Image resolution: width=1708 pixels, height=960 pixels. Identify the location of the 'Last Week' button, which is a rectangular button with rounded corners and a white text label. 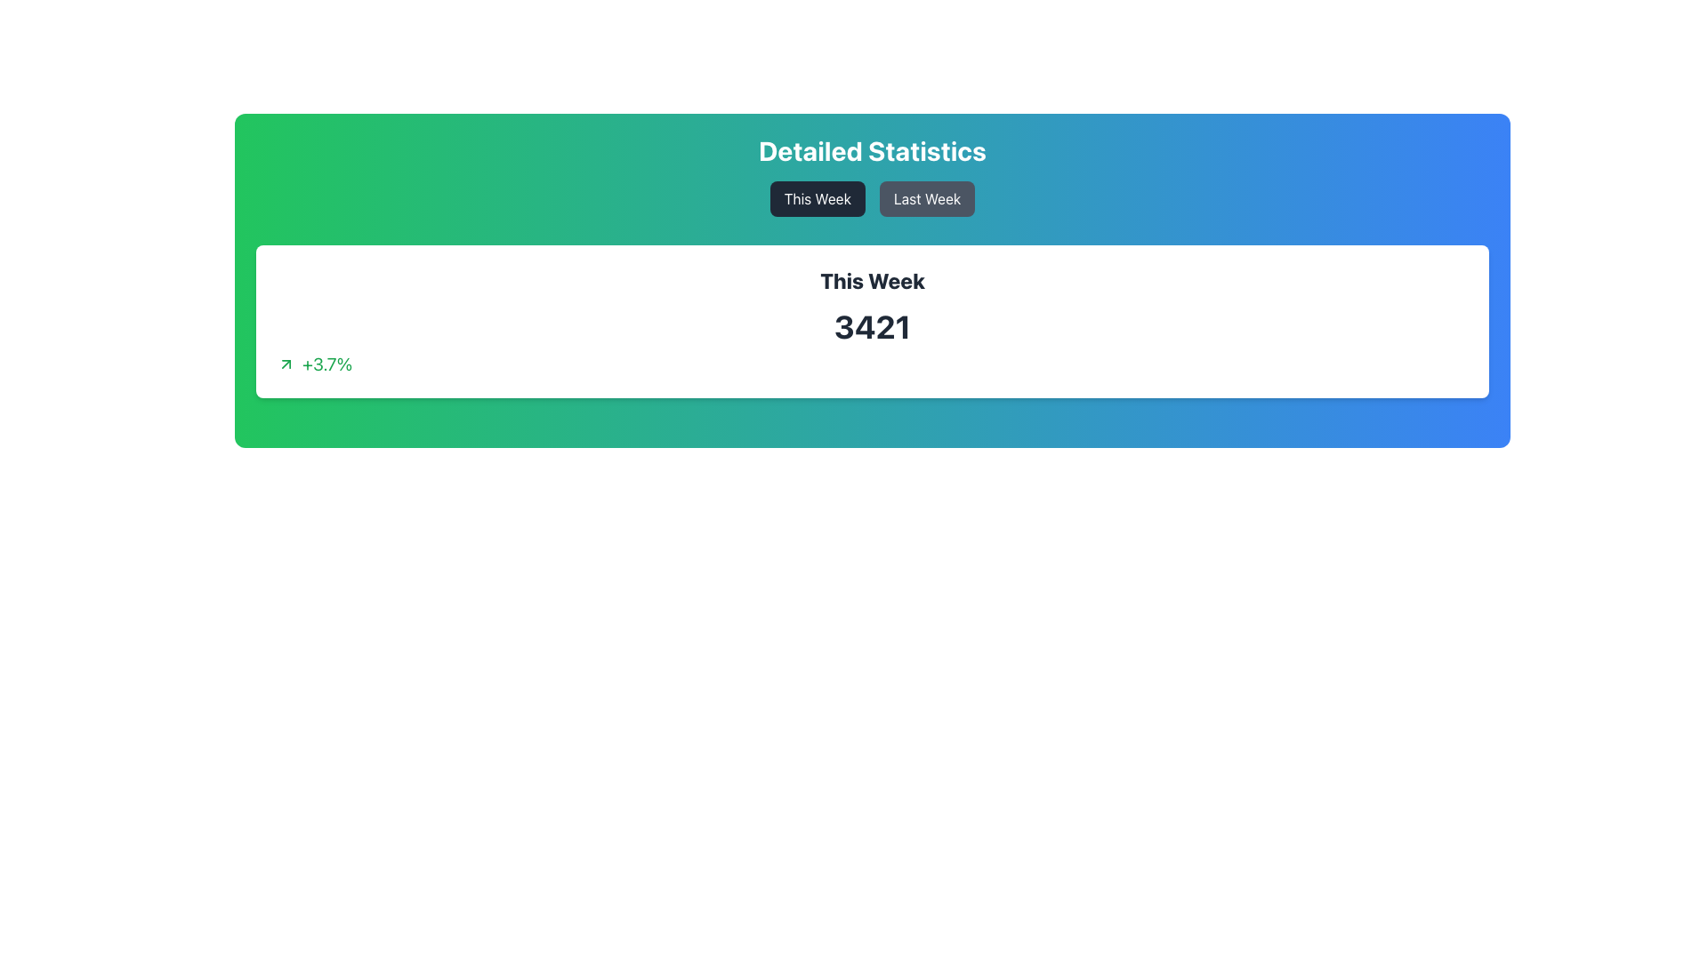
(926, 198).